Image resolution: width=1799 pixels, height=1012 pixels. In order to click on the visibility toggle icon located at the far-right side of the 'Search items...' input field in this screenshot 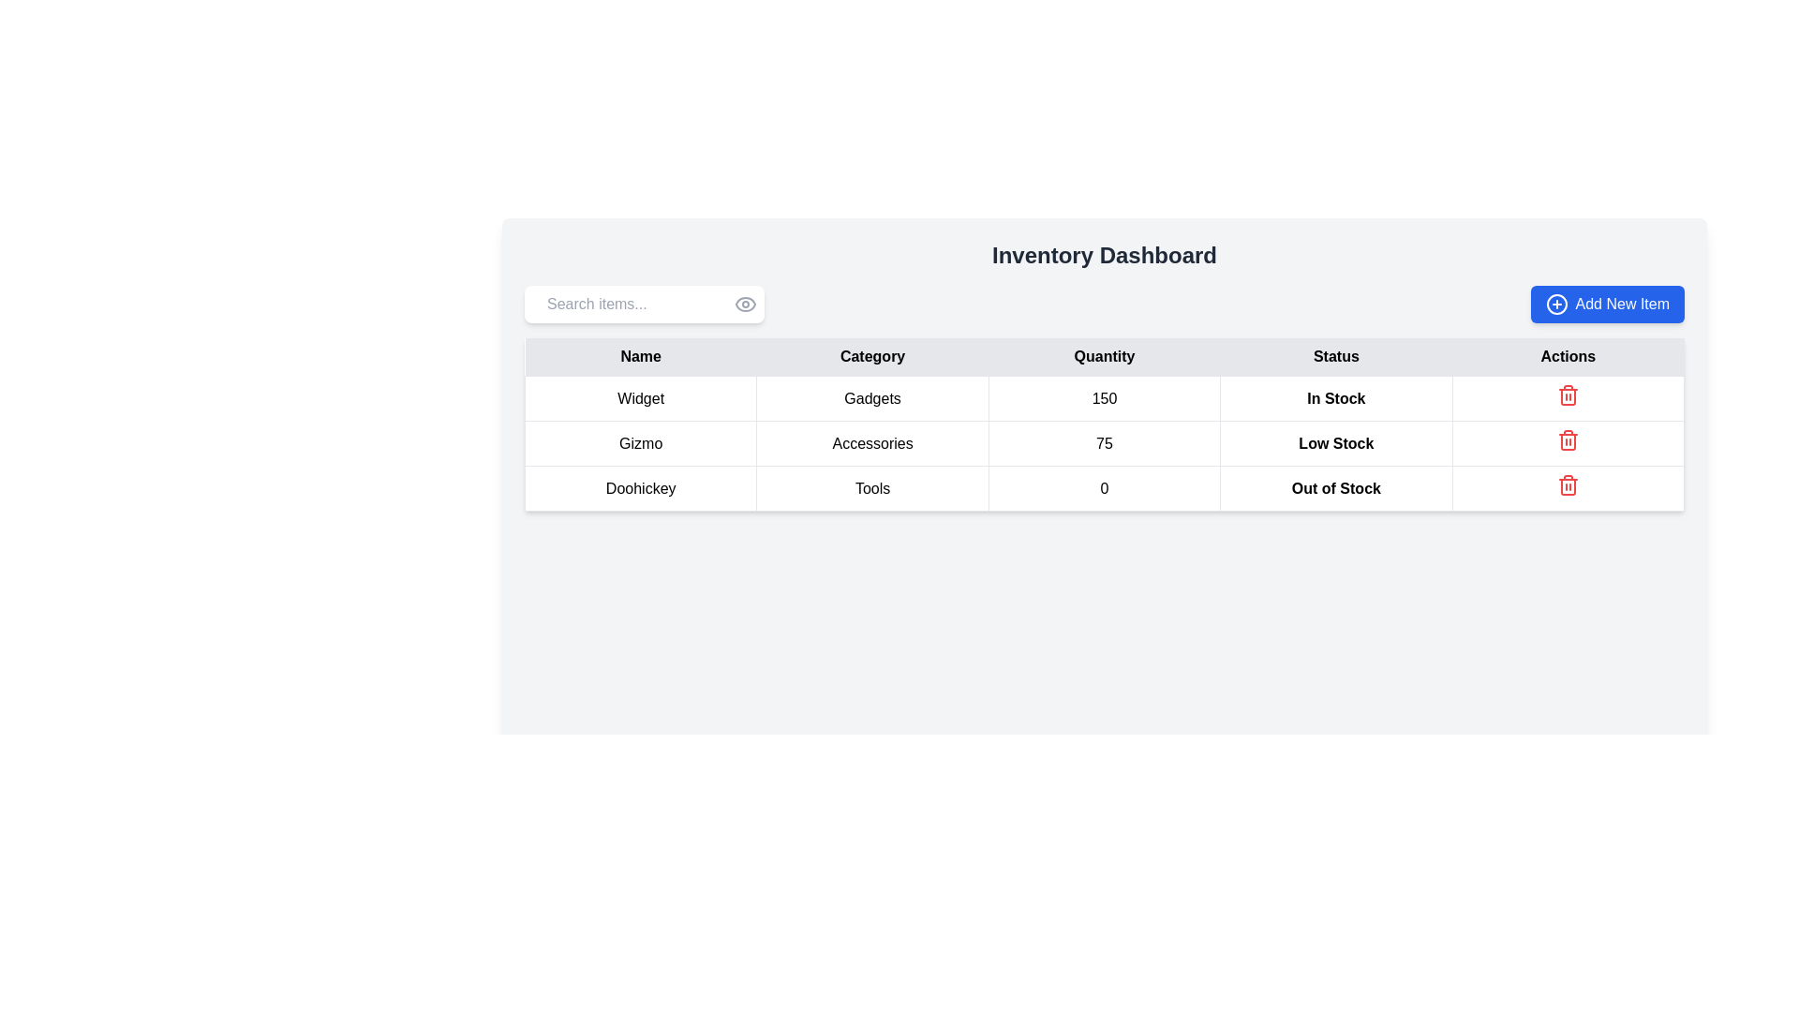, I will do `click(745, 303)`.